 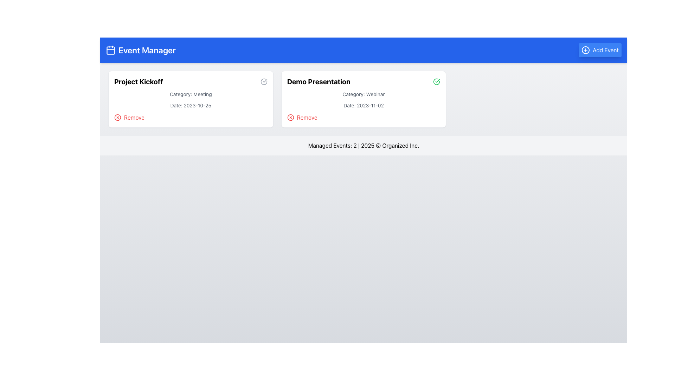 What do you see at coordinates (191, 105) in the screenshot?
I see `the date text label located below the 'Category: Meeting' text within the 'Project Kickoff' card, which provides scheduling context` at bounding box center [191, 105].